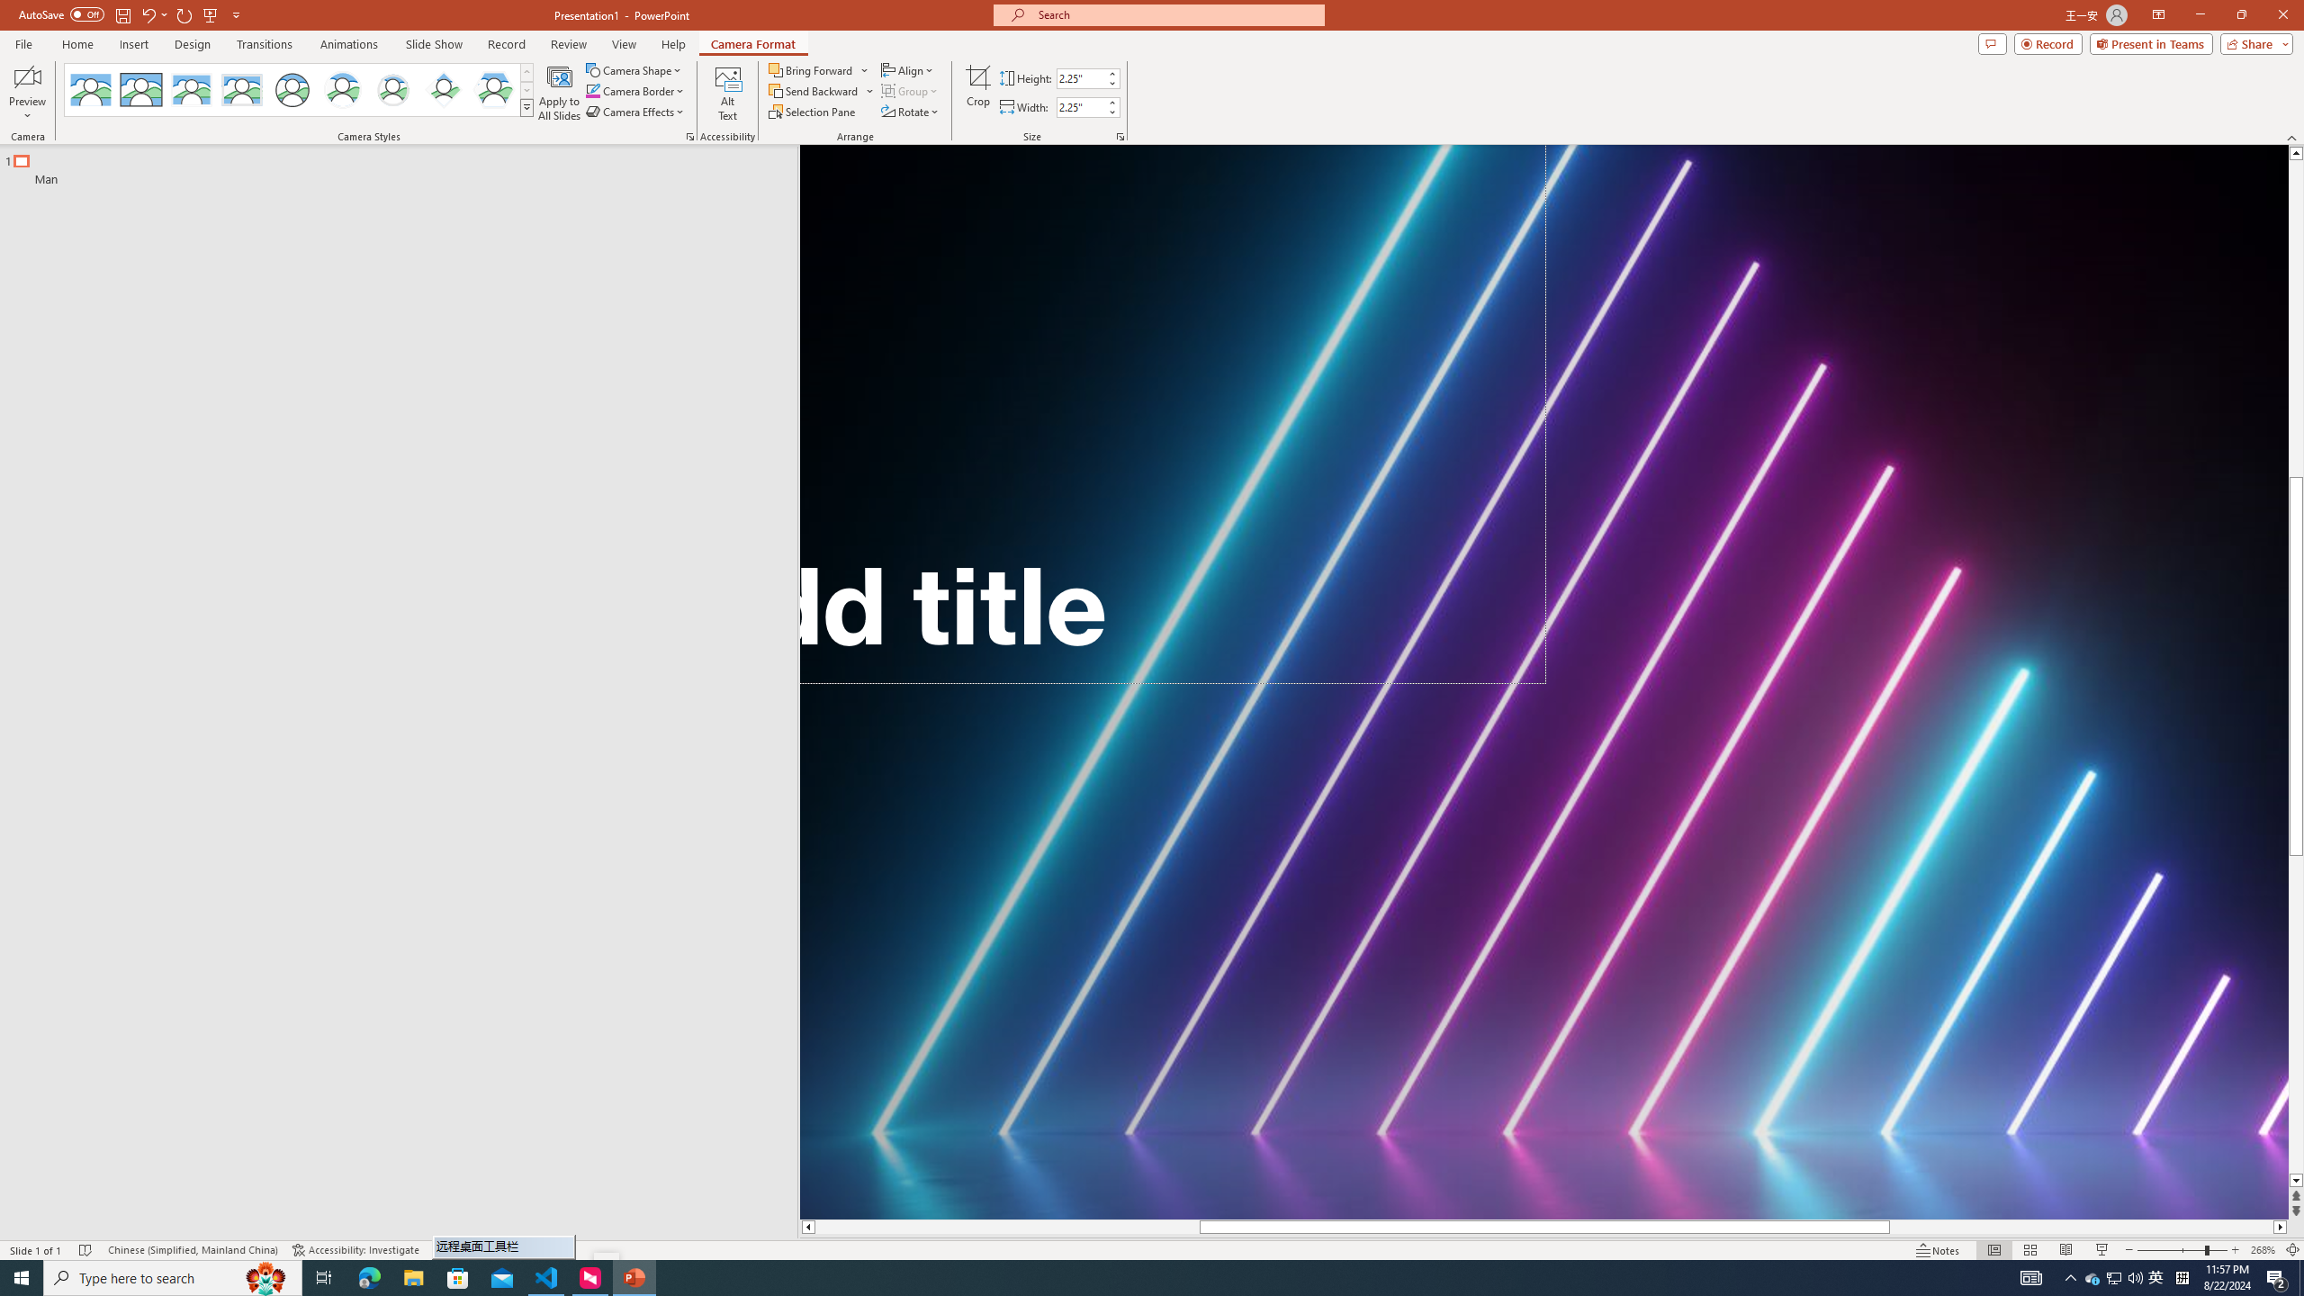 The height and width of the screenshot is (1296, 2304). What do you see at coordinates (494, 89) in the screenshot?
I see `'Center Shadow Hexagon'` at bounding box center [494, 89].